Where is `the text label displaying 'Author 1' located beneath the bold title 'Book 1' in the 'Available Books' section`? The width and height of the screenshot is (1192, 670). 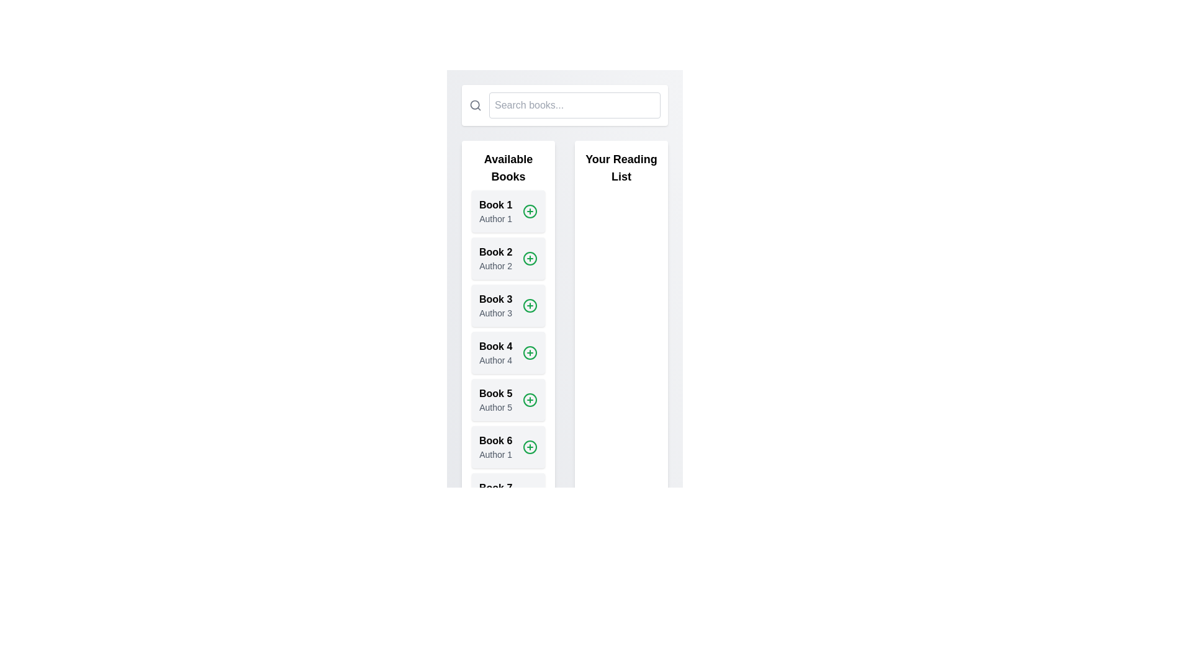
the text label displaying 'Author 1' located beneath the bold title 'Book 1' in the 'Available Books' section is located at coordinates (495, 218).